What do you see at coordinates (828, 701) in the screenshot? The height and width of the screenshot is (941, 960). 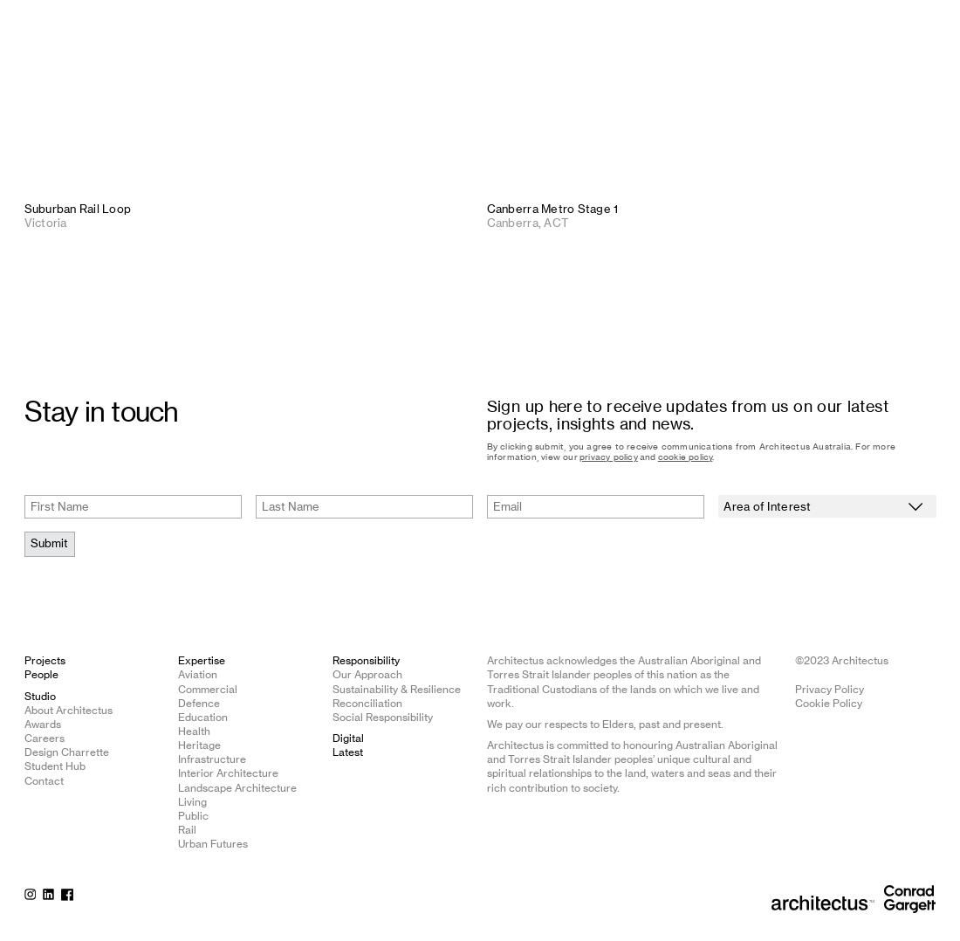 I see `'Cookie Policy'` at bounding box center [828, 701].